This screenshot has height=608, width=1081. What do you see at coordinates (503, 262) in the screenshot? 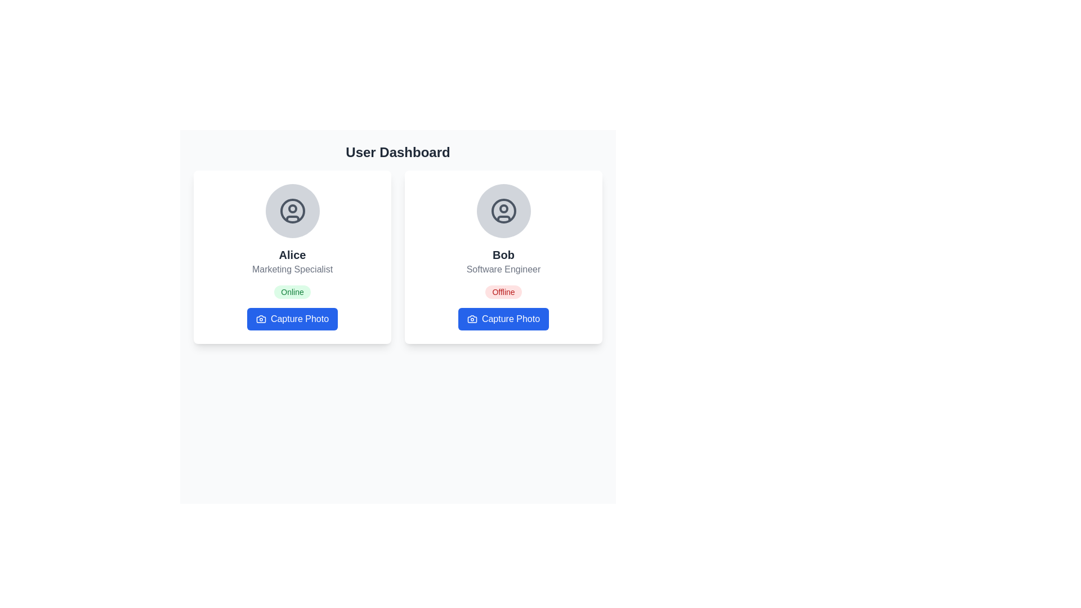
I see `the text block that serves as the name and title section for the user 'Bob', located below the profile image in the second card from the left in the two-card layout` at bounding box center [503, 262].